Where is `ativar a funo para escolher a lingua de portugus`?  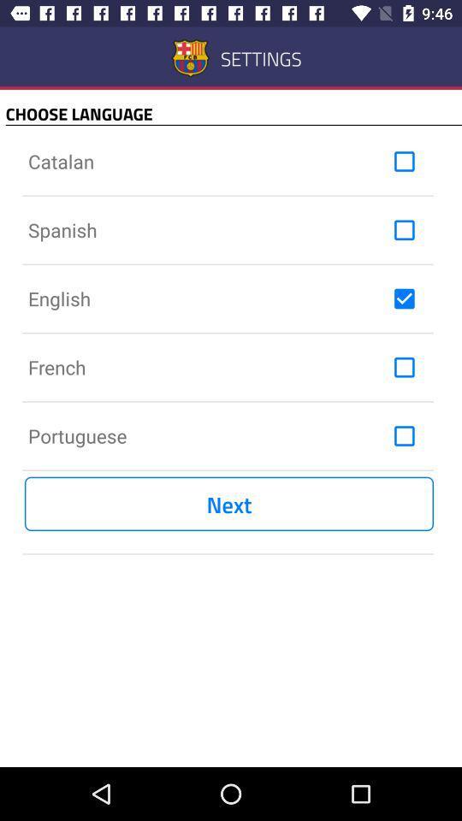 ativar a funo para escolher a lingua de portugus is located at coordinates (404, 434).